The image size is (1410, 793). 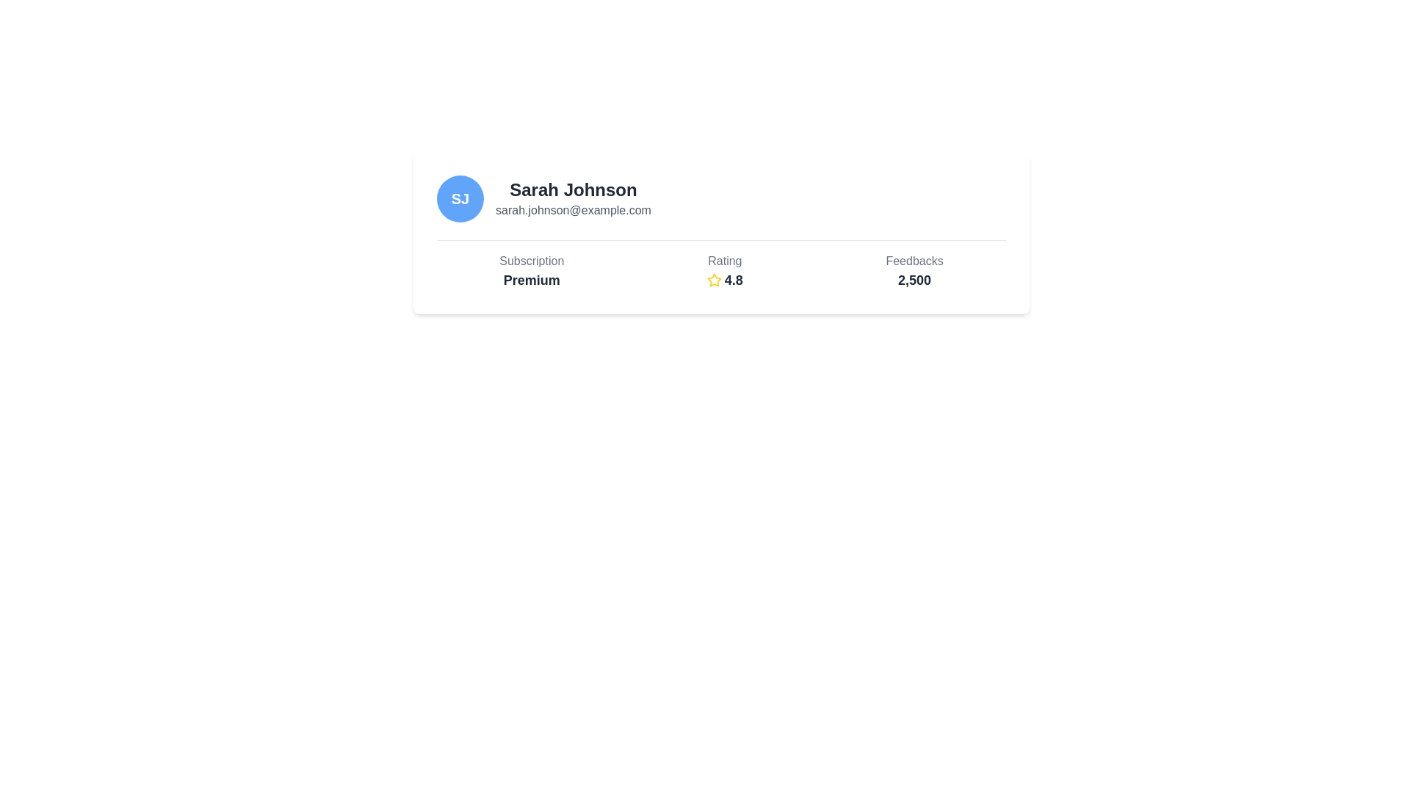 What do you see at coordinates (725, 280) in the screenshot?
I see `the Rating display, which consists of a star-shaped icon and the numerical text '4.8', located at the center column below the label 'Rating'` at bounding box center [725, 280].